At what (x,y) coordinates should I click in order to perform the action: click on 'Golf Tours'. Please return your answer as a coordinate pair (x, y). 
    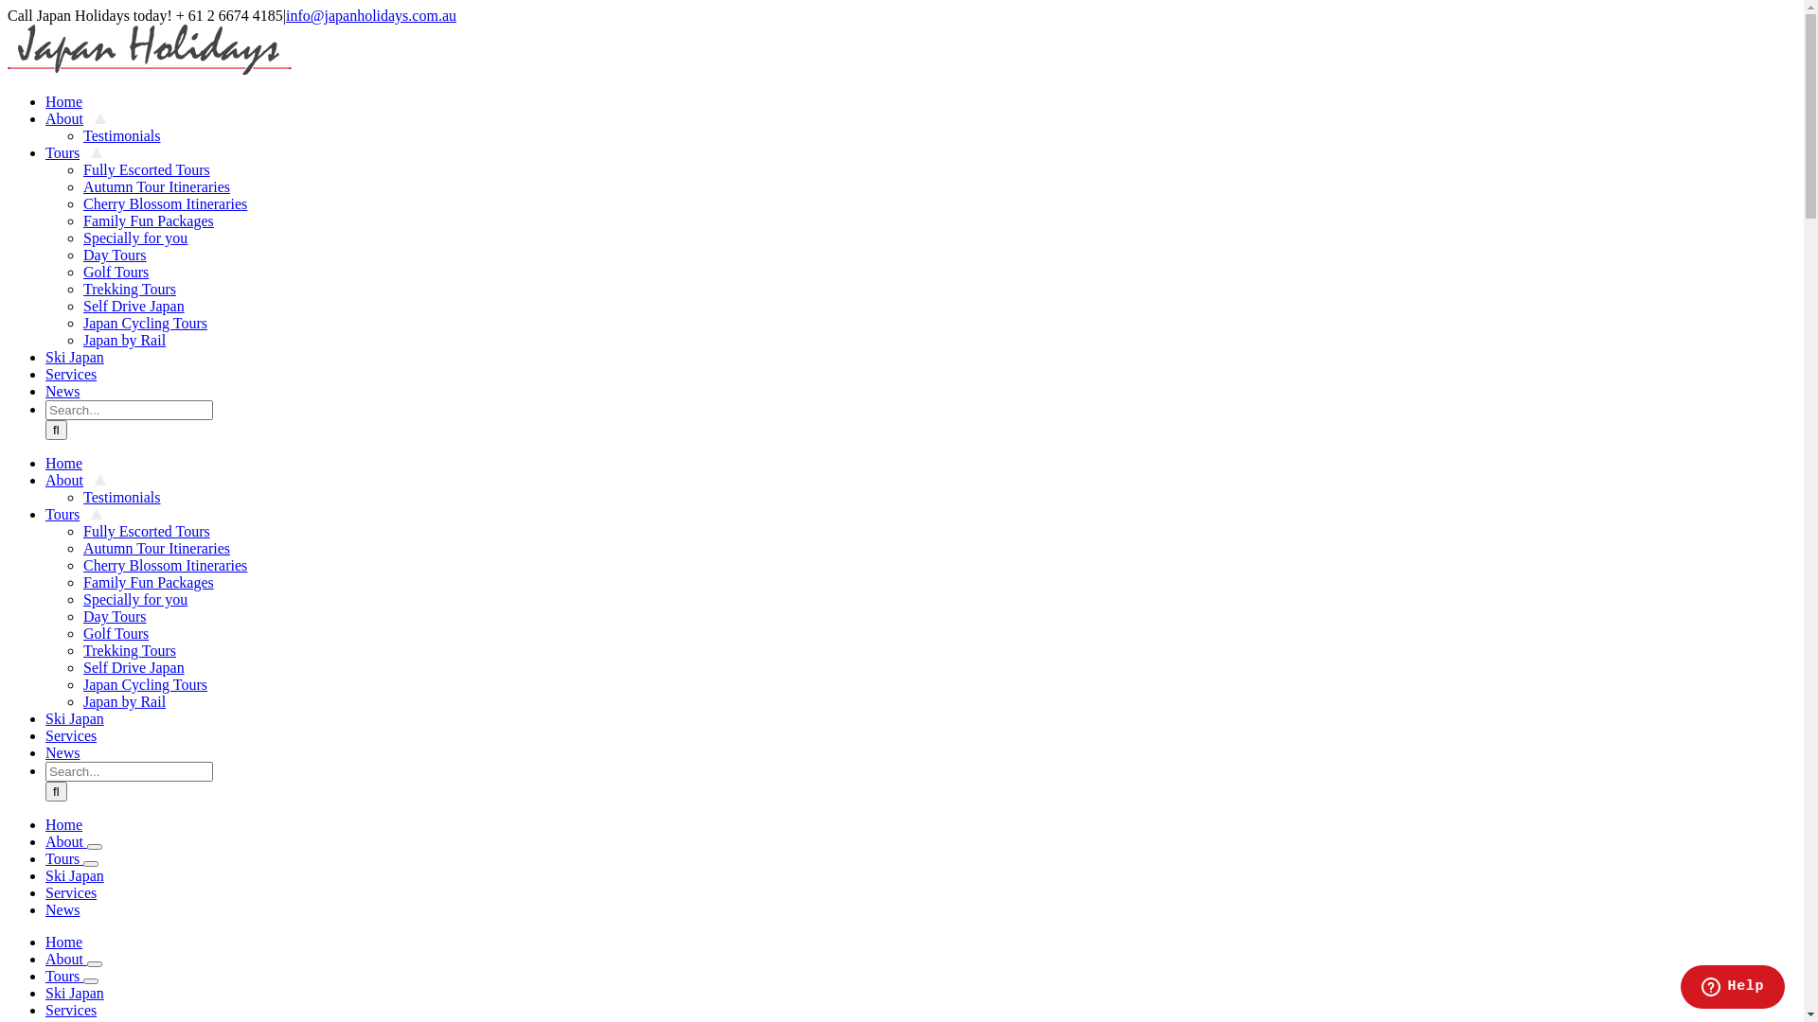
    Looking at the image, I should click on (115, 633).